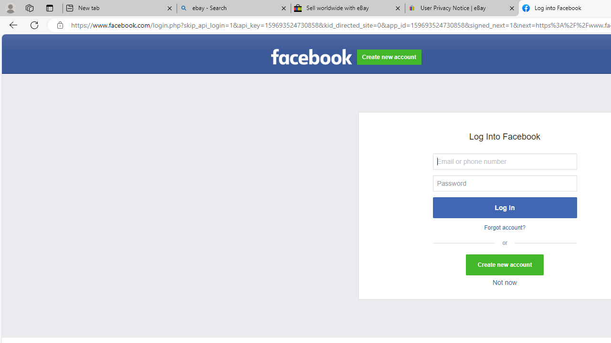 This screenshot has width=611, height=343. What do you see at coordinates (462, 8) in the screenshot?
I see `'User Privacy Notice | eBay'` at bounding box center [462, 8].